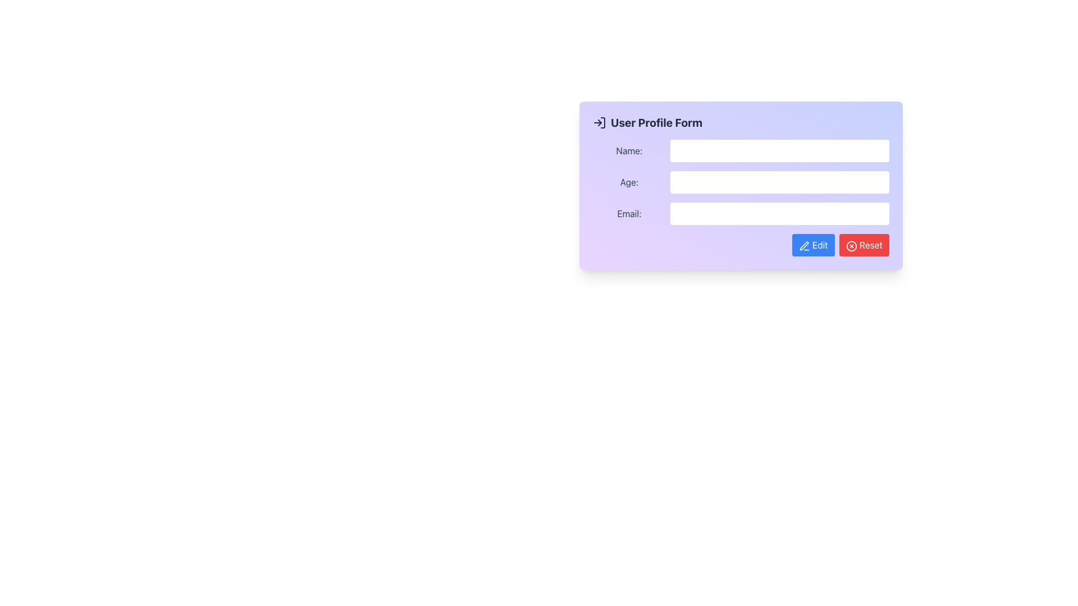 The height and width of the screenshot is (606, 1078). What do you see at coordinates (803, 245) in the screenshot?
I see `the 'Edit' button icon located to the left of the text 'Edit' in the user profile form` at bounding box center [803, 245].